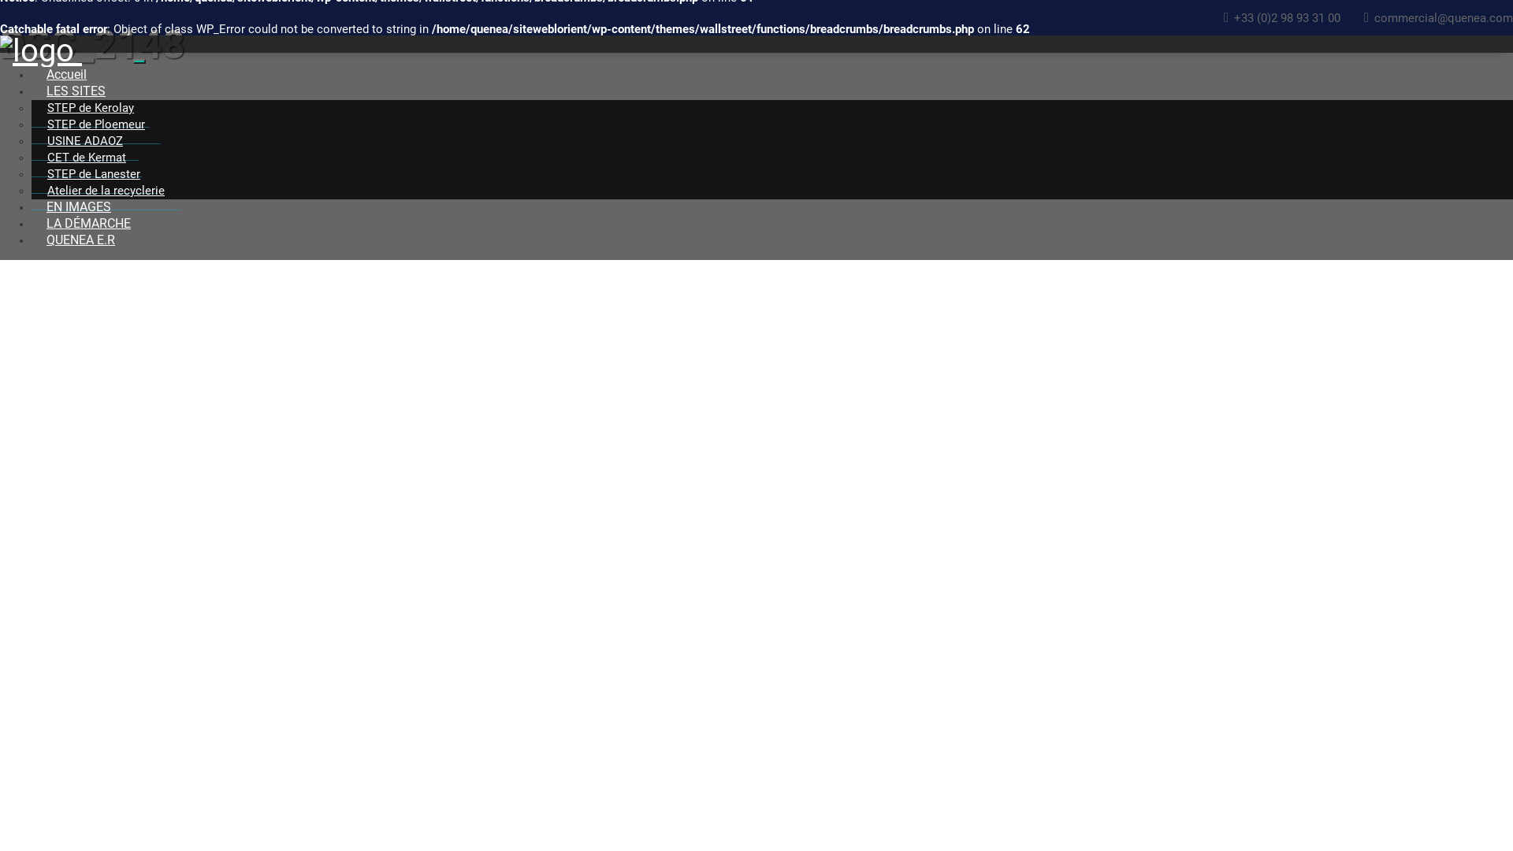  Describe the element at coordinates (31, 190) in the screenshot. I see `'Atelier de la recyclerie'` at that location.